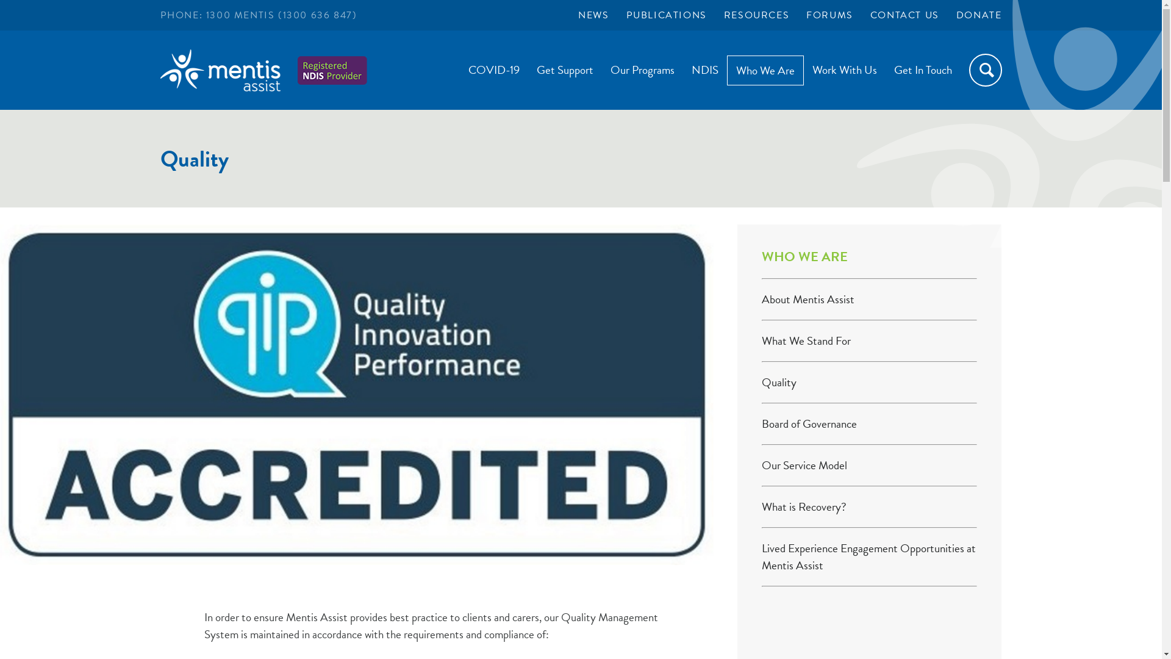 Image resolution: width=1171 pixels, height=659 pixels. What do you see at coordinates (923, 69) in the screenshot?
I see `'Get In Touch'` at bounding box center [923, 69].